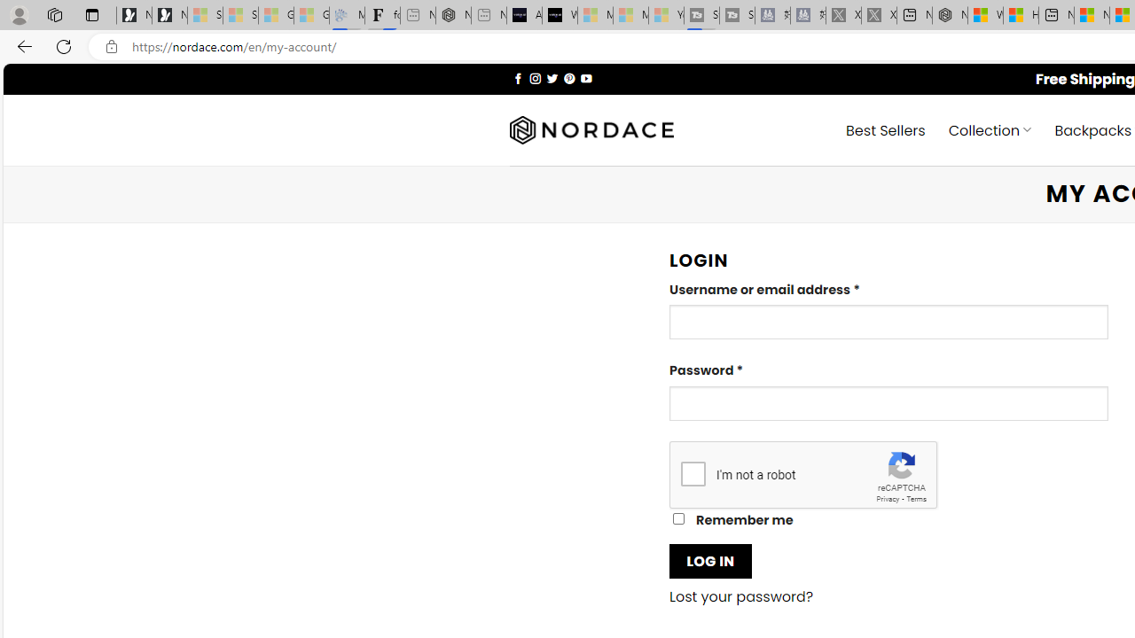 The image size is (1135, 638). I want to click on 'Huge shark washes ashore at New York City beach | Watch', so click(1021, 15).